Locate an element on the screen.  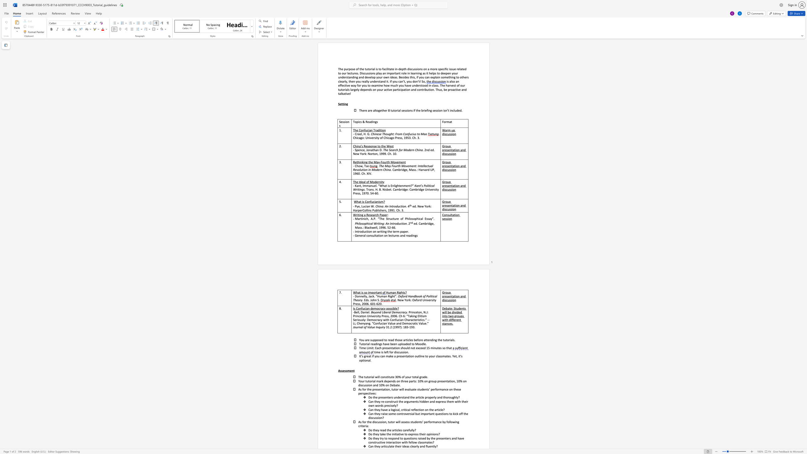
the subset text "nsultation s" within the text "Consultation session" is located at coordinates (445, 215).